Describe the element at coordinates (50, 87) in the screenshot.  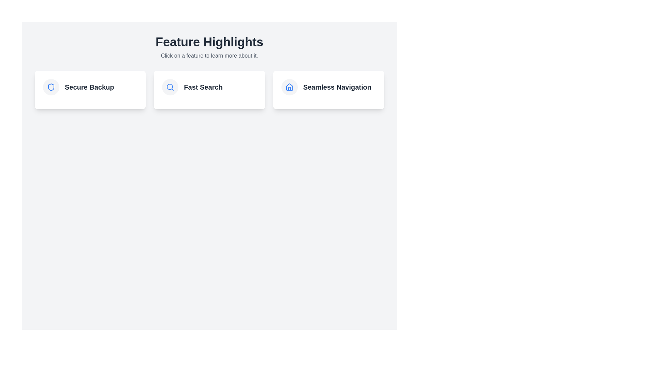
I see `the 'Secure Backup' icon located in the leftmost card of the three horizontally arranged cards, positioned to the left of the text 'Secure Backup'` at that location.